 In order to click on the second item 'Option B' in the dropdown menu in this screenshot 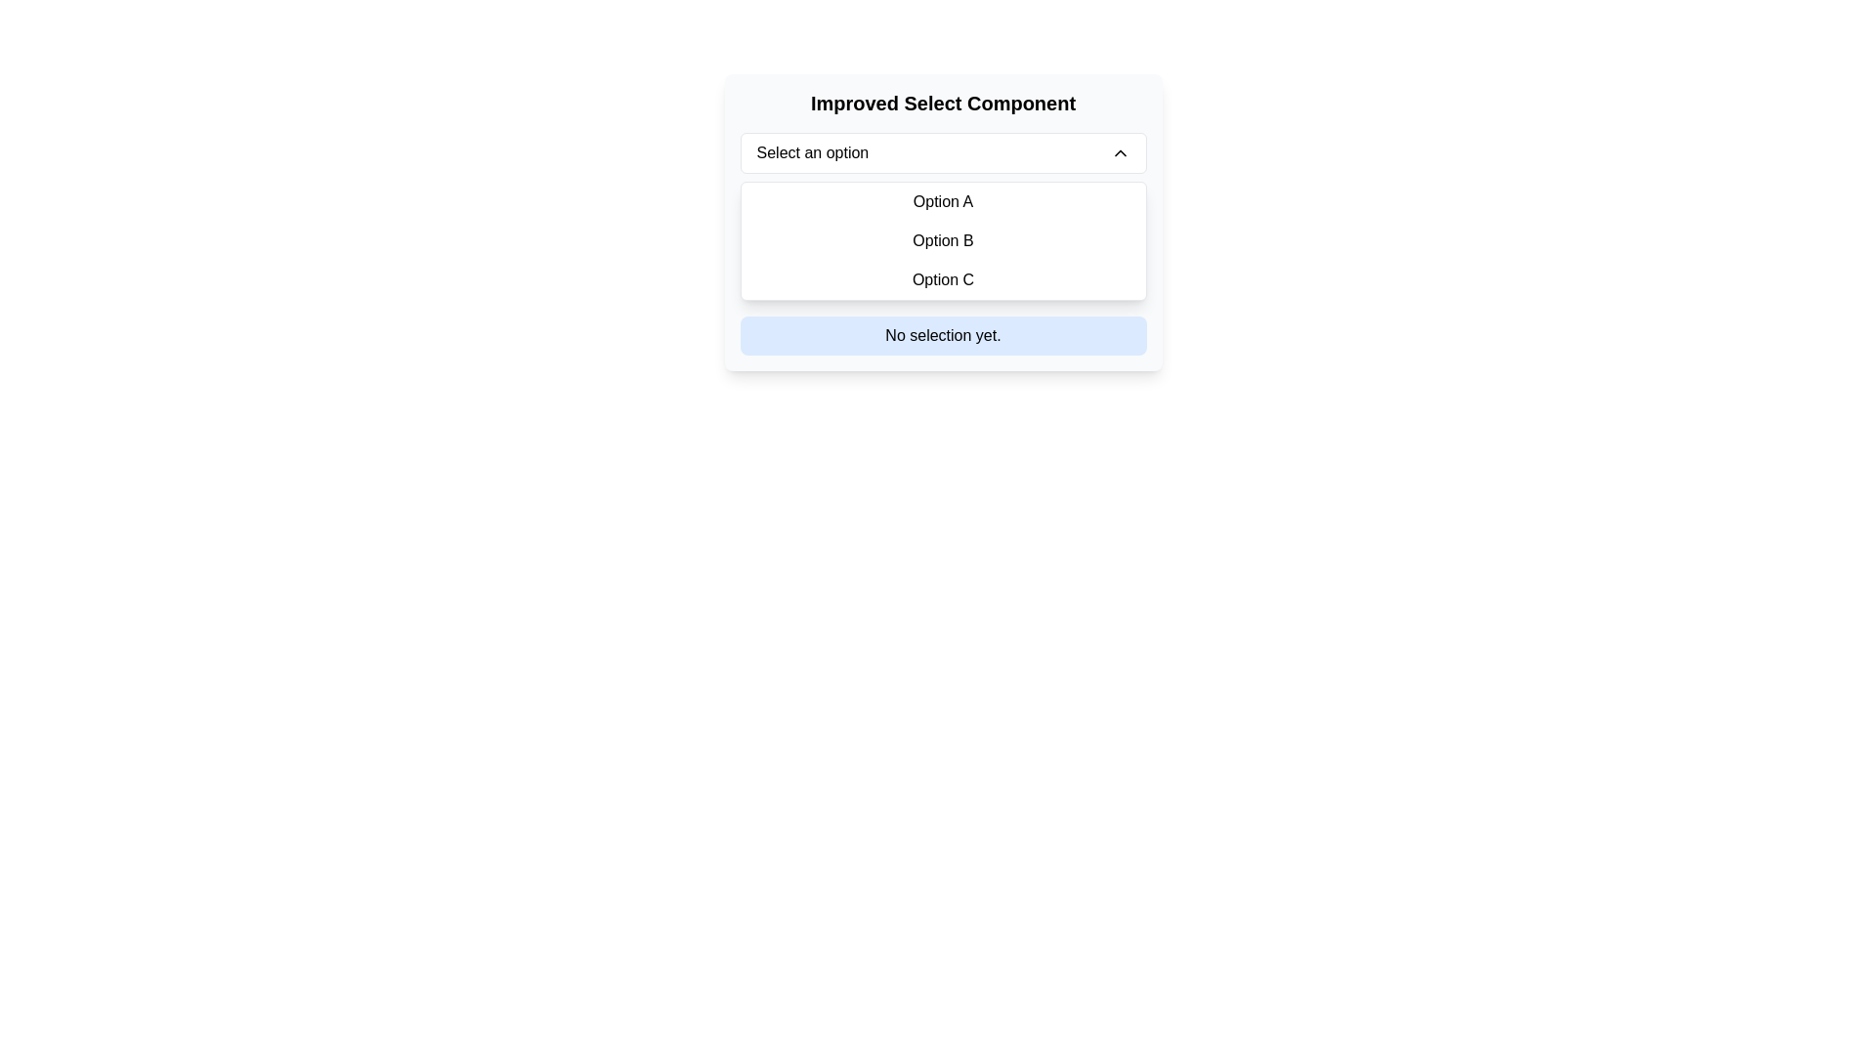, I will do `click(943, 239)`.